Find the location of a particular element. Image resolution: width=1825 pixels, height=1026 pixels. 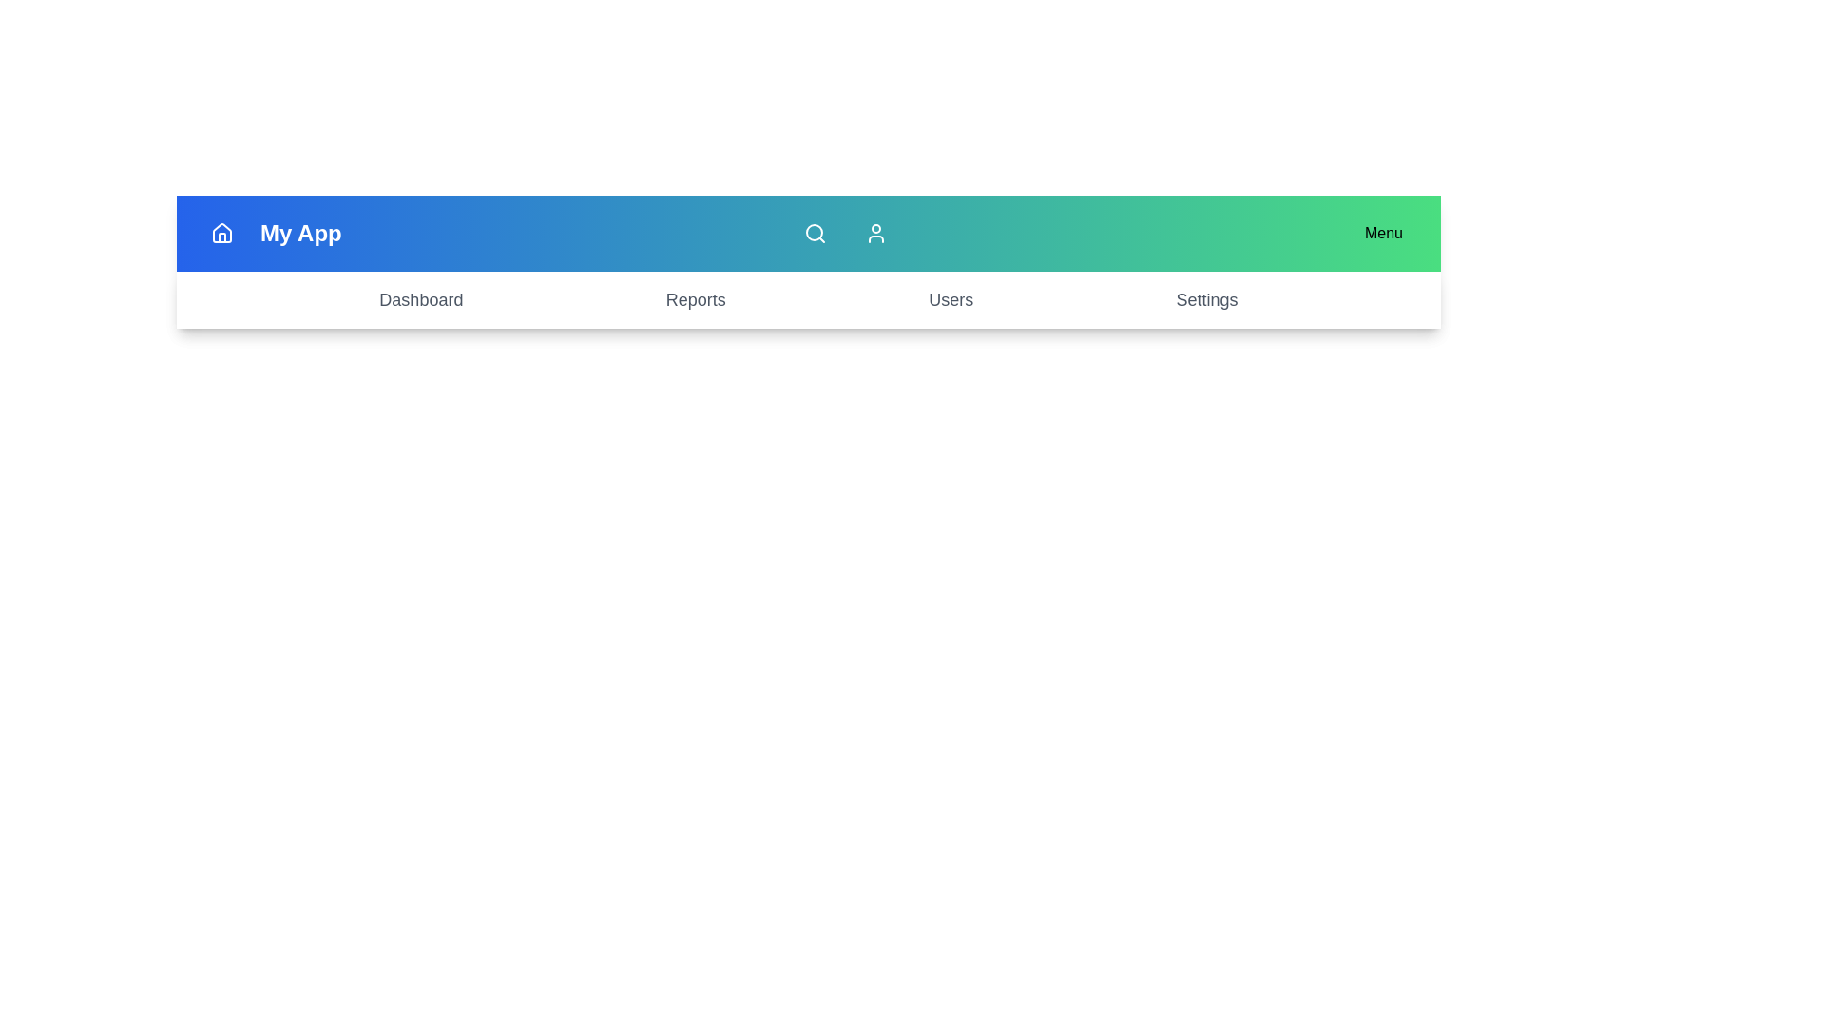

the 'Search' button located in the navigation bar is located at coordinates (815, 233).